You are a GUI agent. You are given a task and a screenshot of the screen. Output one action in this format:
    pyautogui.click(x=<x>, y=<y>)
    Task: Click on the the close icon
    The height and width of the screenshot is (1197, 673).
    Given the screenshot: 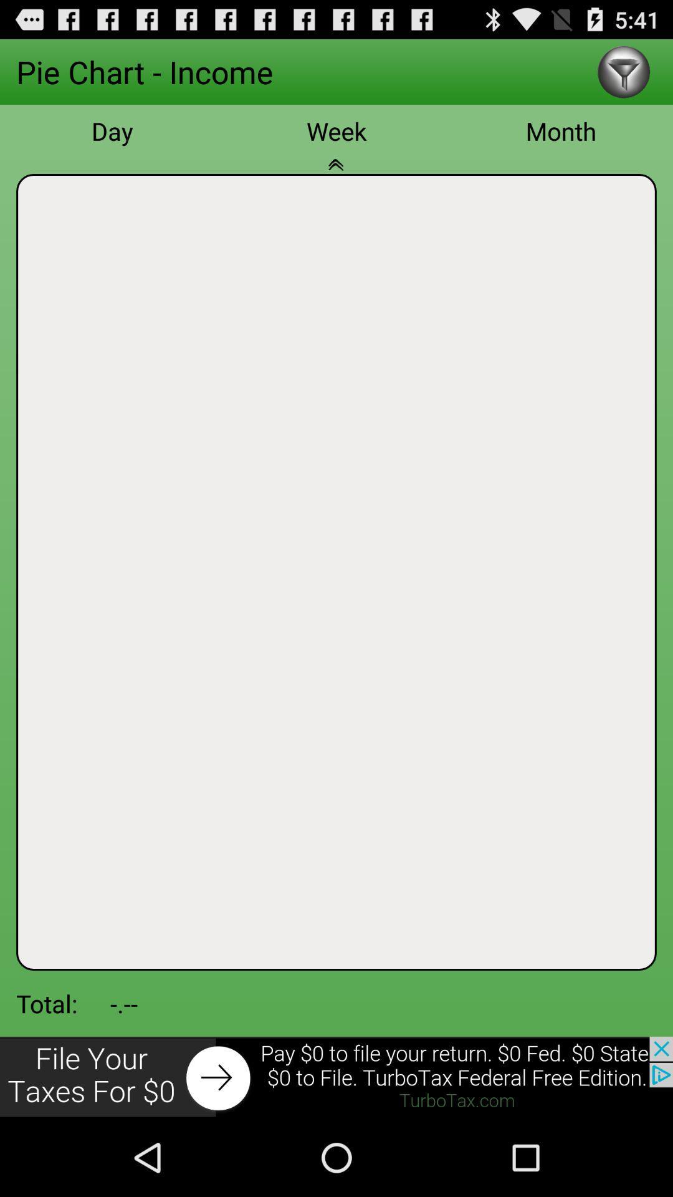 What is the action you would take?
    pyautogui.click(x=336, y=183)
    